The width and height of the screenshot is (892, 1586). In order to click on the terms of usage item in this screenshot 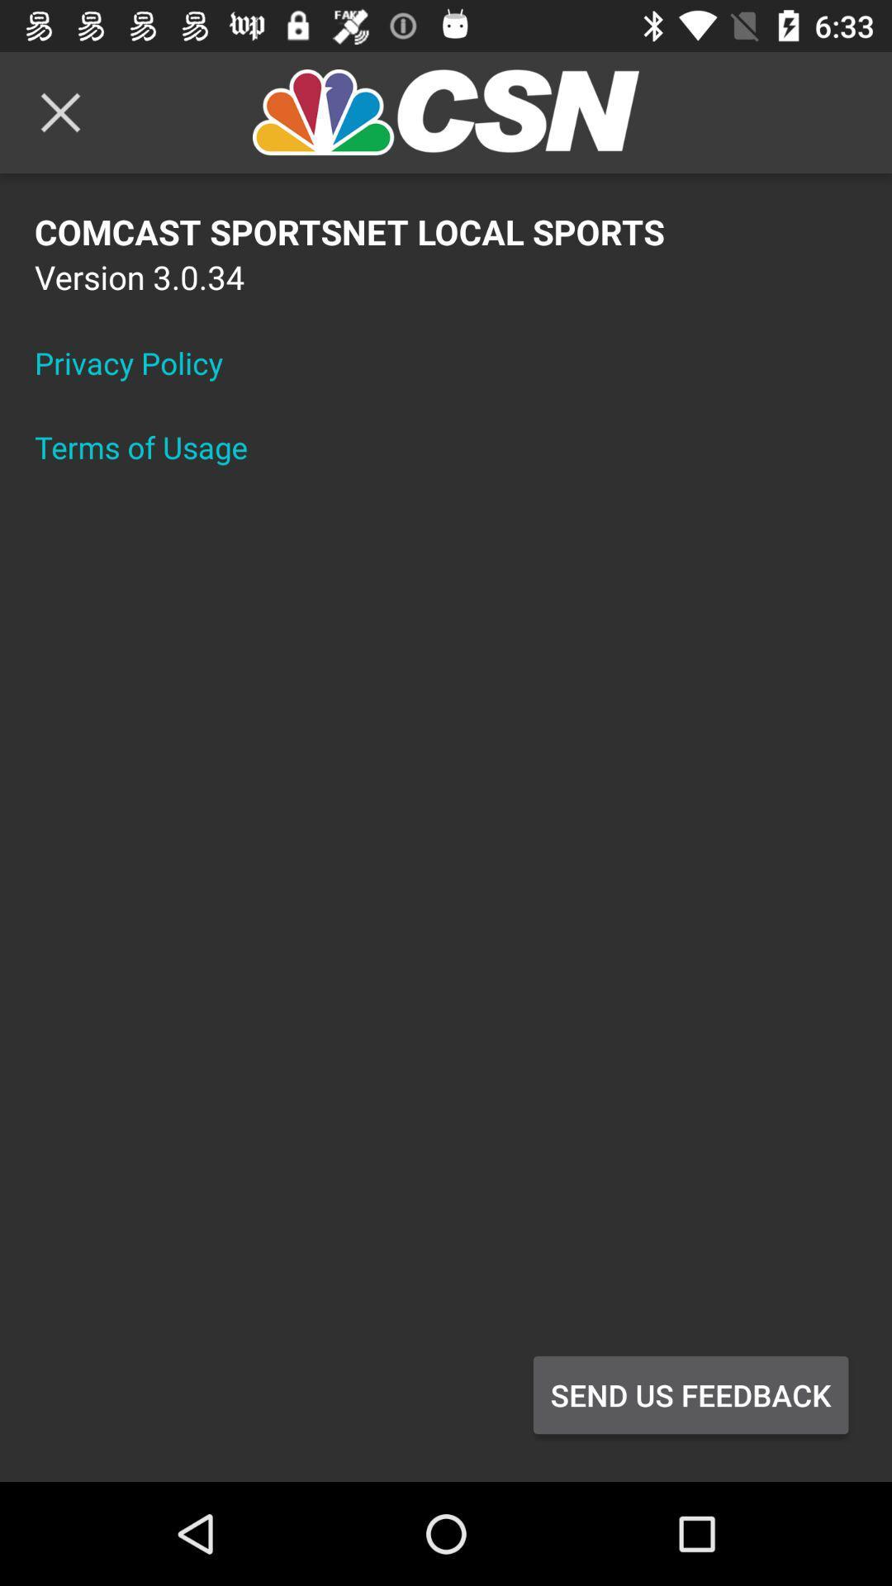, I will do `click(152, 447)`.